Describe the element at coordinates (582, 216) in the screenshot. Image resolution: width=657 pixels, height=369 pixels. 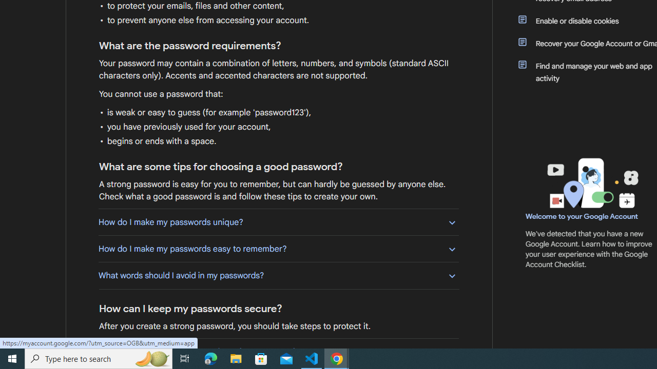
I see `'Welcome to your Google Account'` at that location.